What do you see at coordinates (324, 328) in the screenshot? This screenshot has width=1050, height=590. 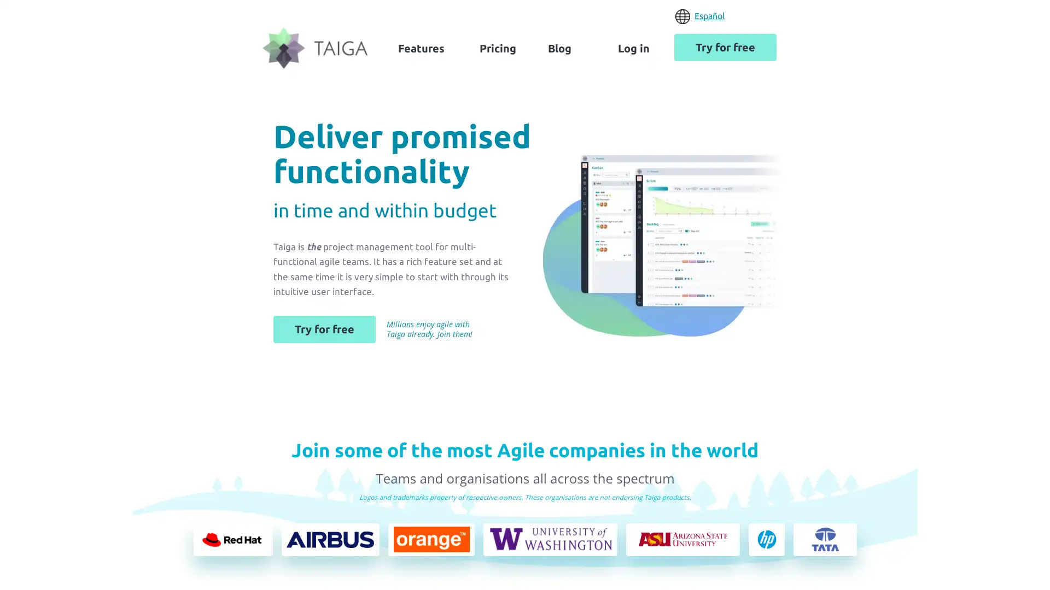 I see `Try for free` at bounding box center [324, 328].